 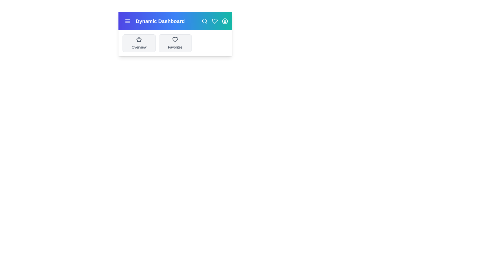 I want to click on the 'Overview' card to navigate to the overview section, so click(x=139, y=43).